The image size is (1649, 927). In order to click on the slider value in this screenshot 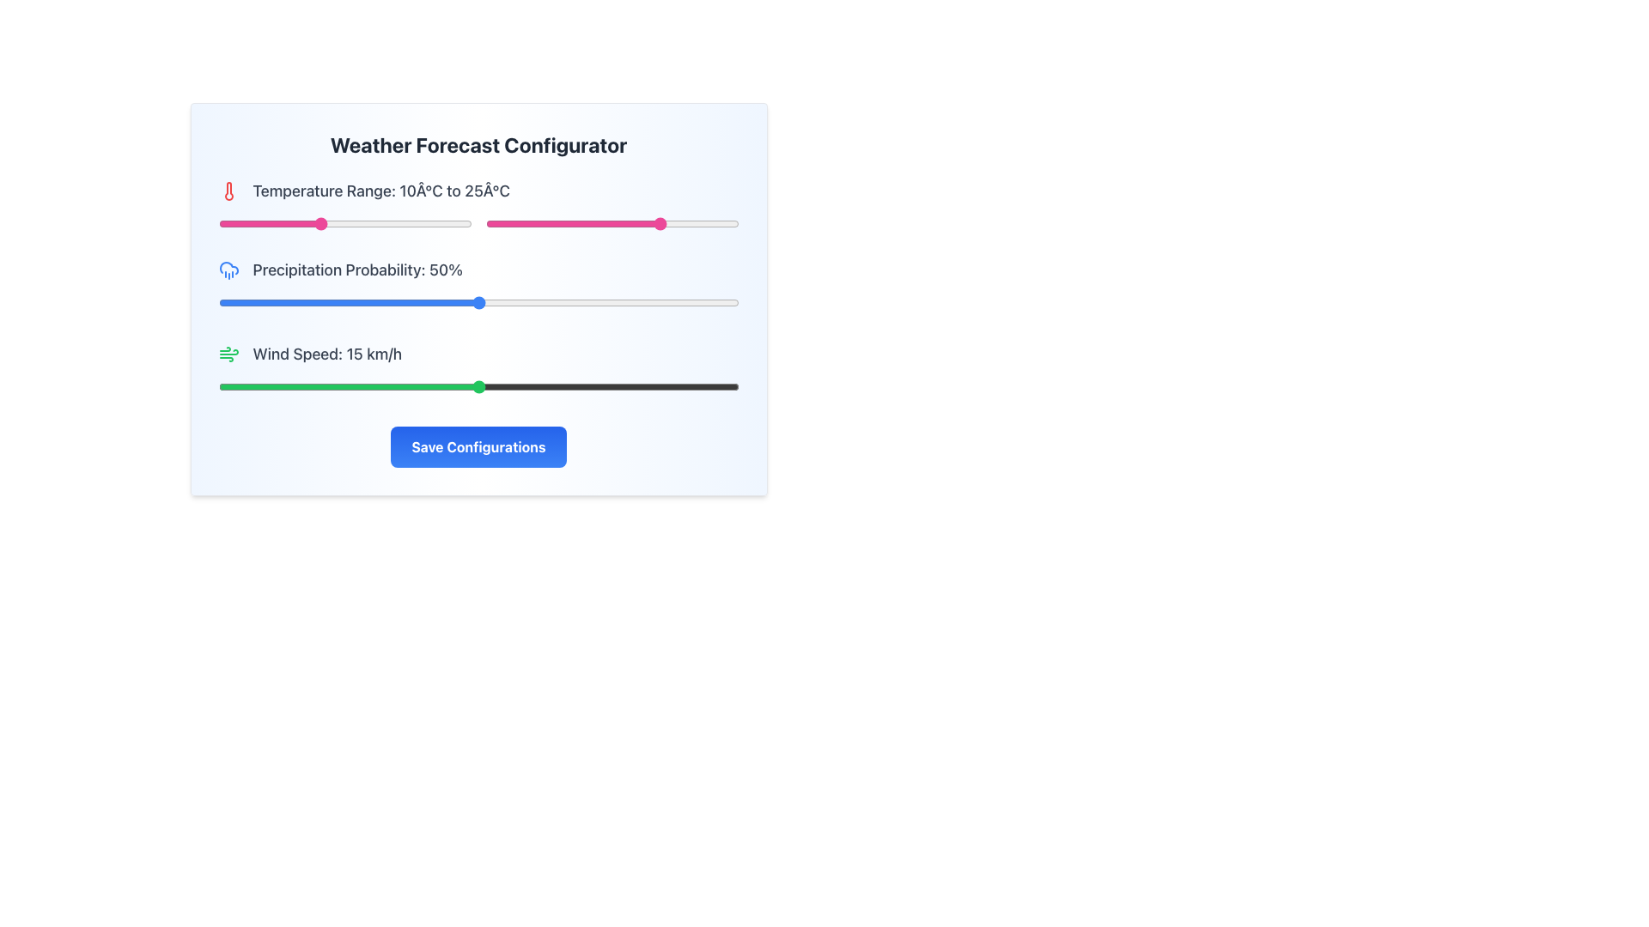, I will do `click(294, 223)`.